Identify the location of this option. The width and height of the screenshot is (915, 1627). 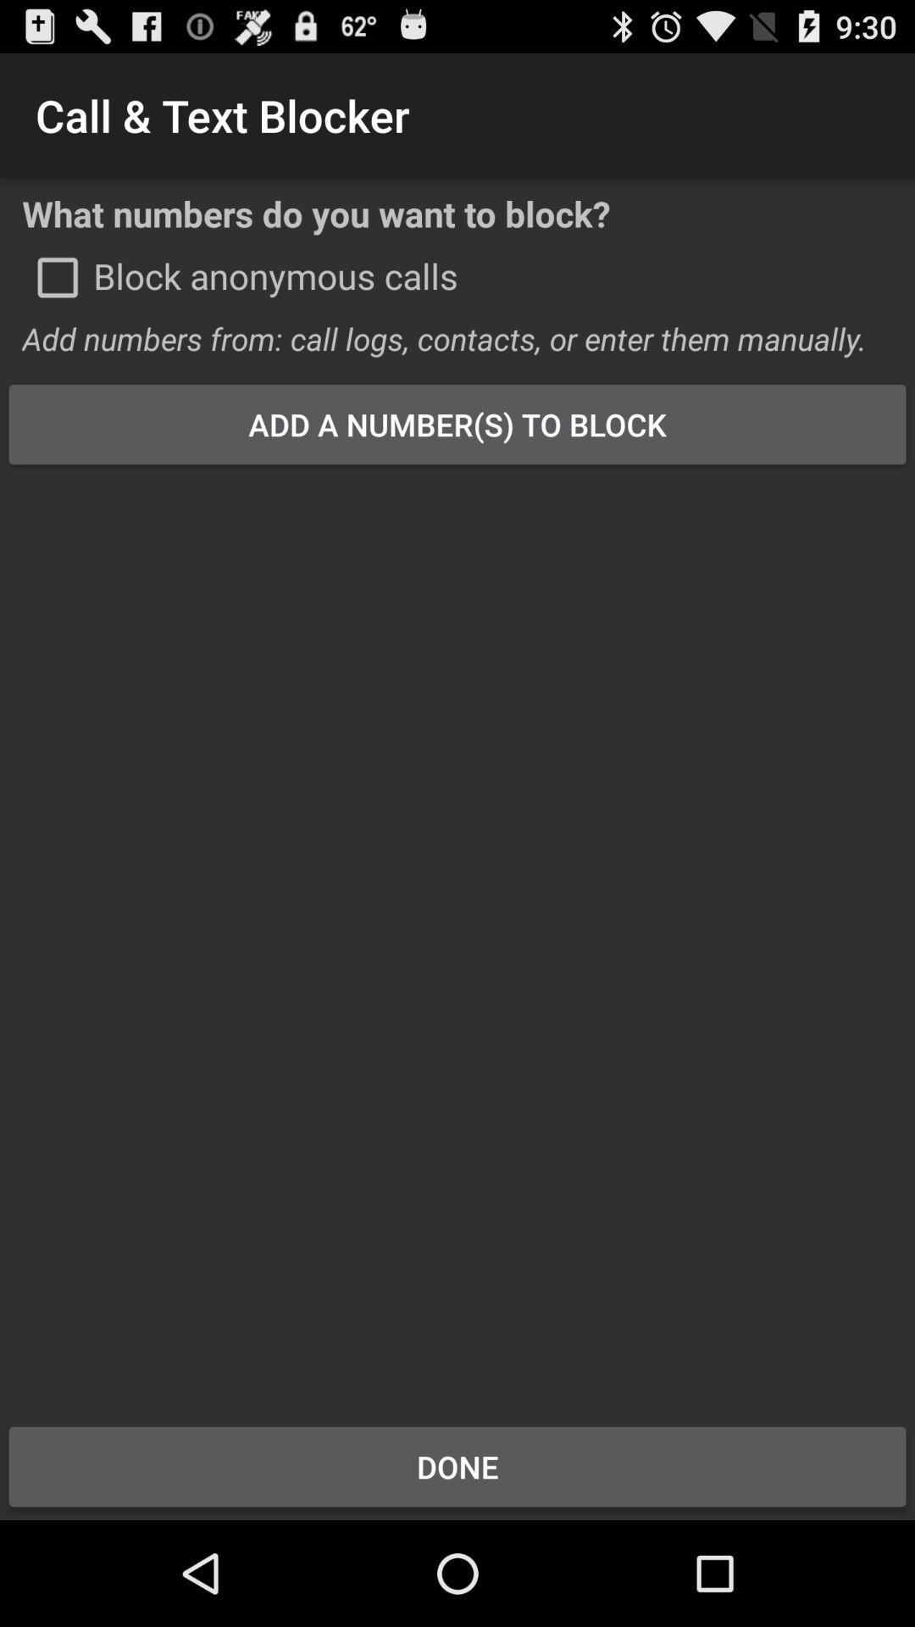
(57, 277).